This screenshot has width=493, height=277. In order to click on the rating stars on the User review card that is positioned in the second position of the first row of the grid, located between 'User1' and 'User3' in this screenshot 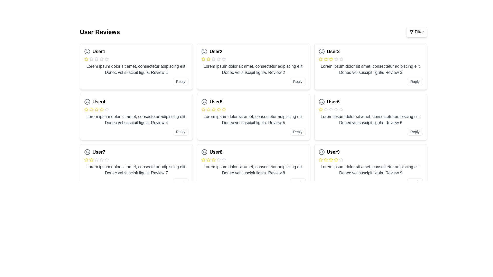, I will do `click(253, 66)`.